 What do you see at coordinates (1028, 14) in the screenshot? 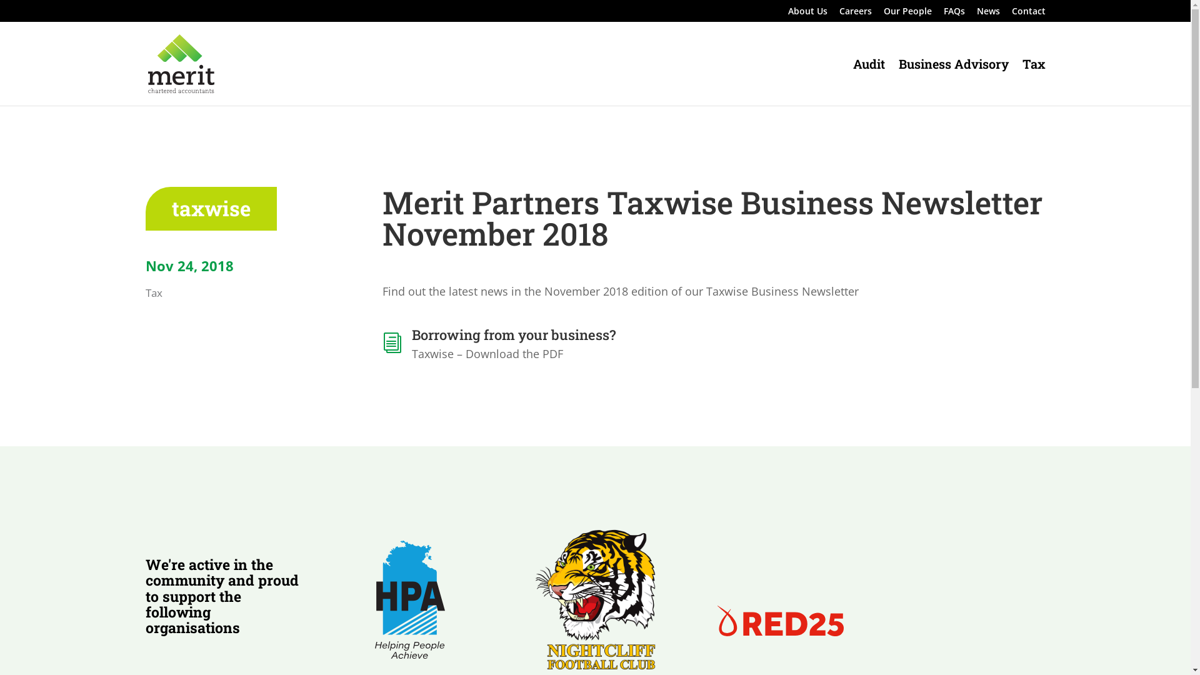
I see `'Contact'` at bounding box center [1028, 14].